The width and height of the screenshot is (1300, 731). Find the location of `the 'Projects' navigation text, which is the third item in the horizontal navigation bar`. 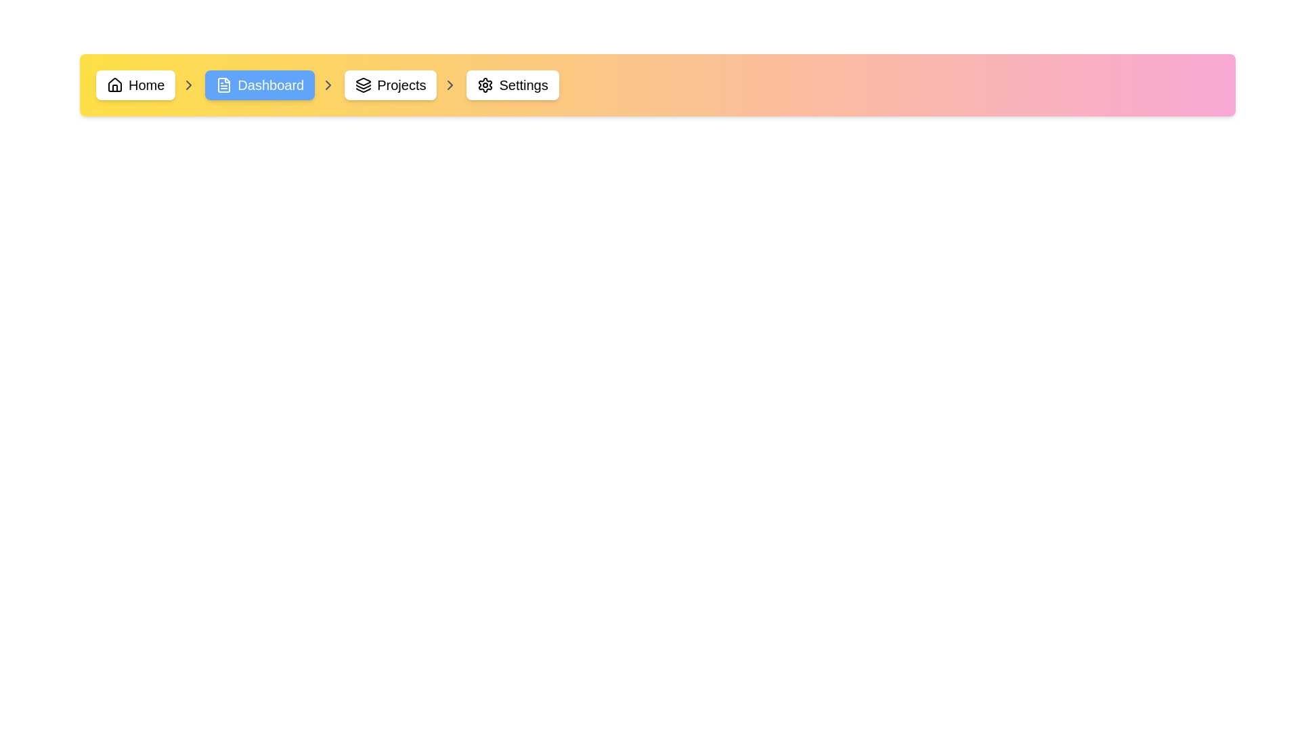

the 'Projects' navigation text, which is the third item in the horizontal navigation bar is located at coordinates (401, 85).